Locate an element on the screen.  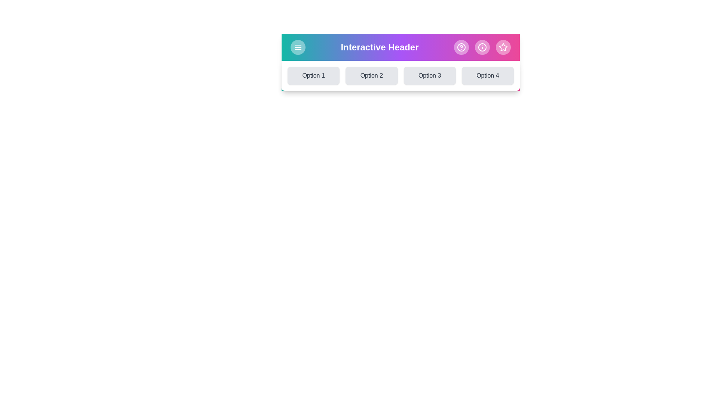
the 'Option 3' button is located at coordinates (430, 76).